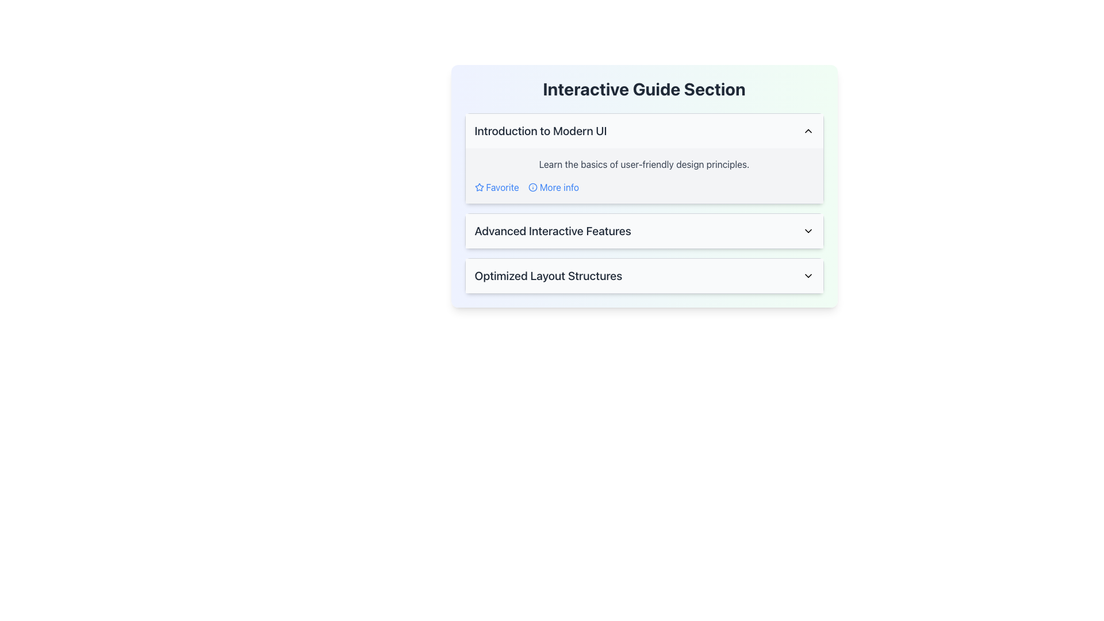  I want to click on the first collapsible panel under the 'Interactive Guide Section' to navigate, so click(644, 159).